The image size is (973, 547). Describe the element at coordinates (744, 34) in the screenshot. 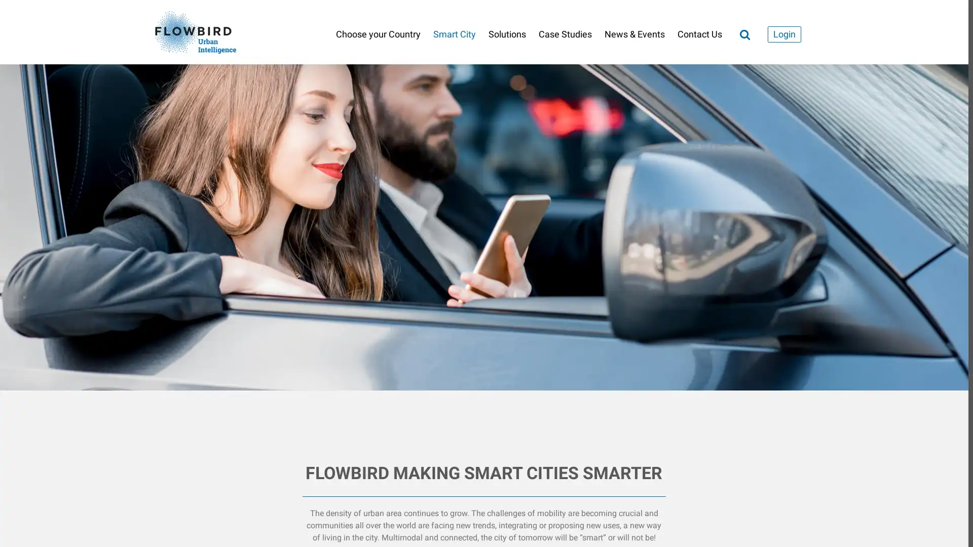

I see `Search` at that location.